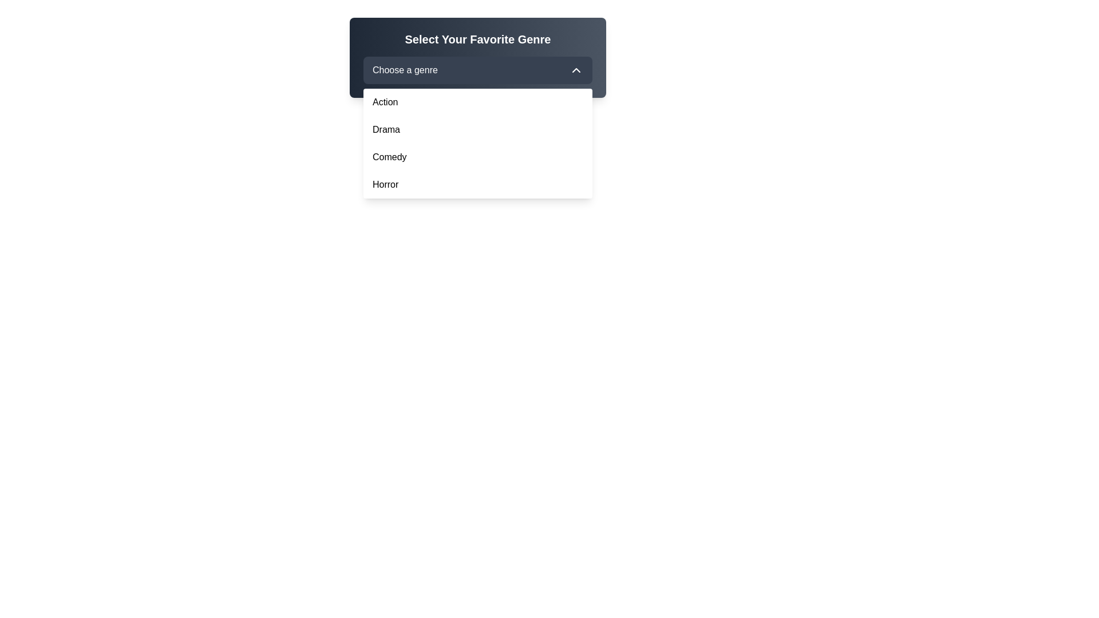 The width and height of the screenshot is (1099, 618). What do you see at coordinates (389, 157) in the screenshot?
I see `the 'Comedy' option in the dropdown menu, which is the third visible item below 'Drama' and above 'Horror'` at bounding box center [389, 157].